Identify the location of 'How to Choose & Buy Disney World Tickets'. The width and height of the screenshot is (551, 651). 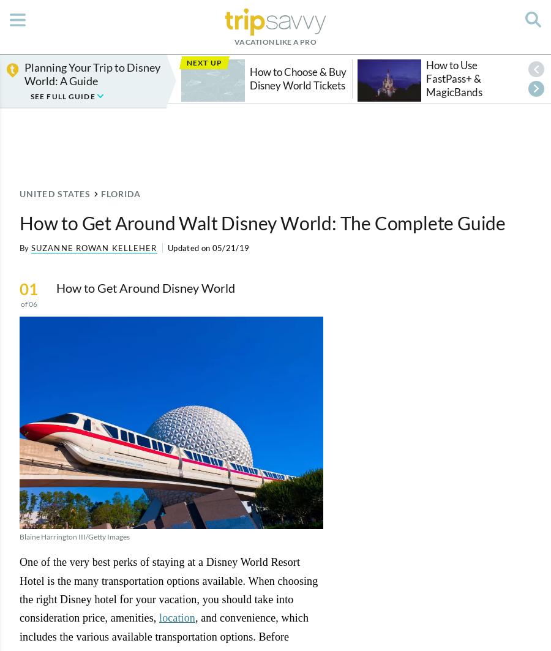
(297, 78).